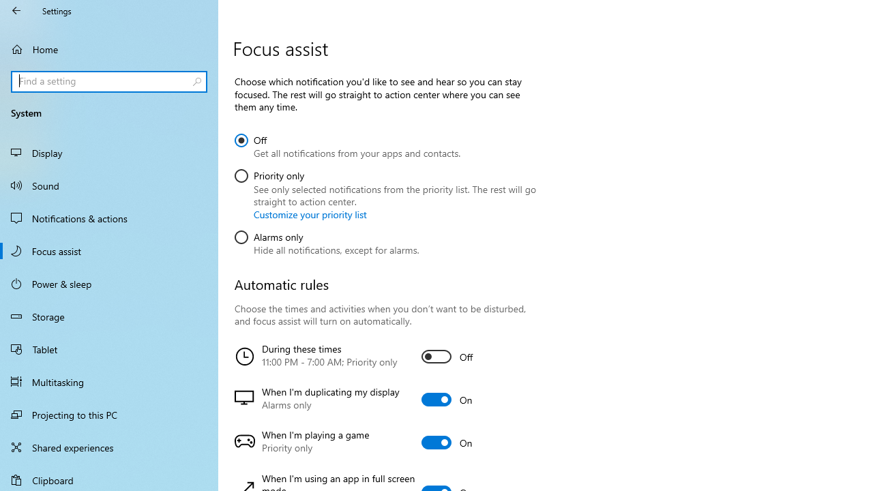  I want to click on 'Shared experiences', so click(109, 447).